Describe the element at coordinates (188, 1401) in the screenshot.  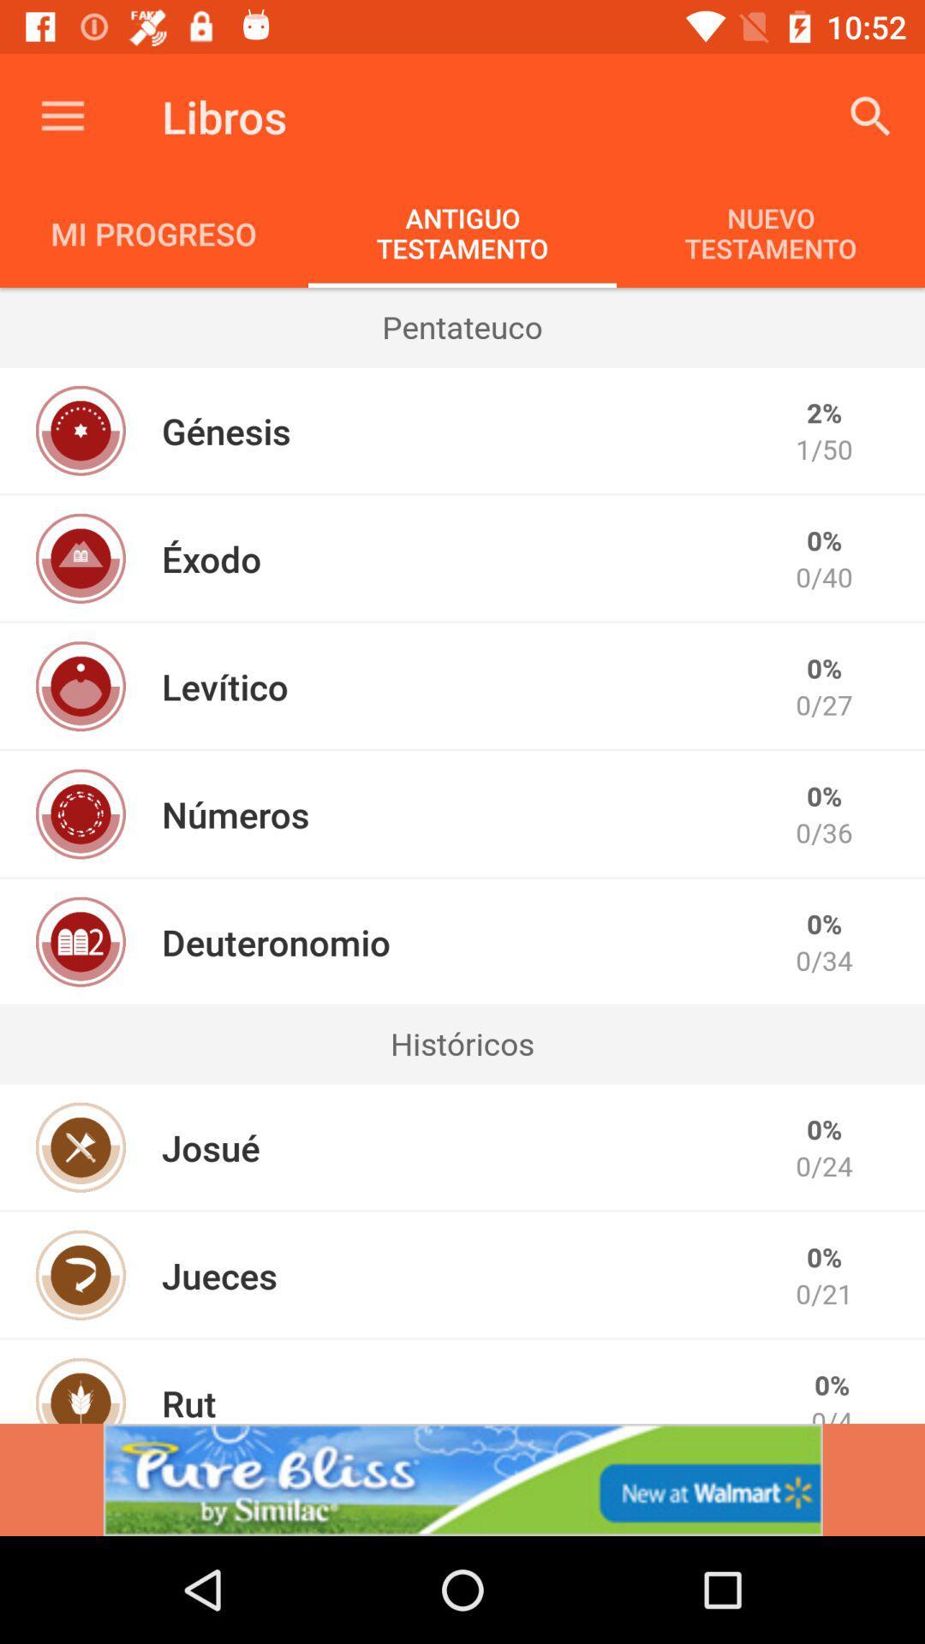
I see `icon next to the 0/4` at that location.